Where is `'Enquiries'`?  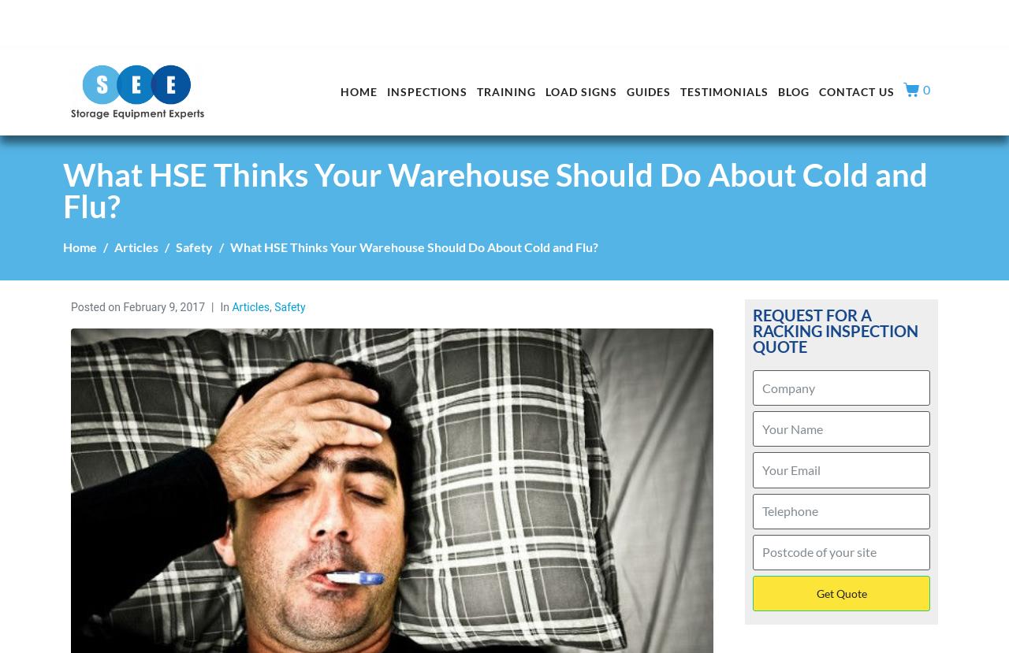
'Enquiries' is located at coordinates (804, 15).